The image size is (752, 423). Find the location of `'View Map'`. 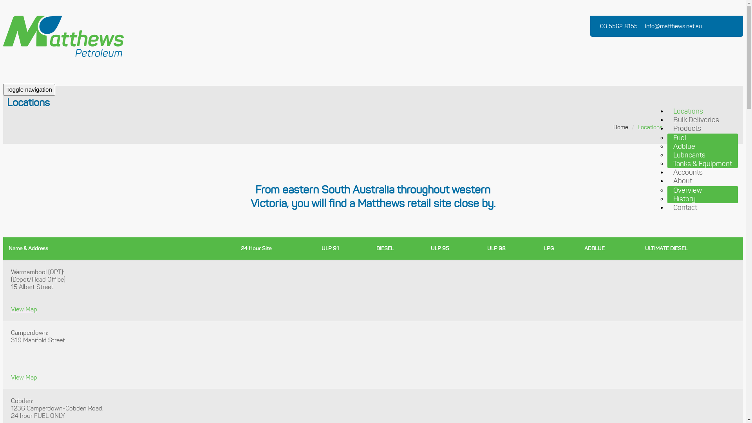

'View Map' is located at coordinates (24, 377).